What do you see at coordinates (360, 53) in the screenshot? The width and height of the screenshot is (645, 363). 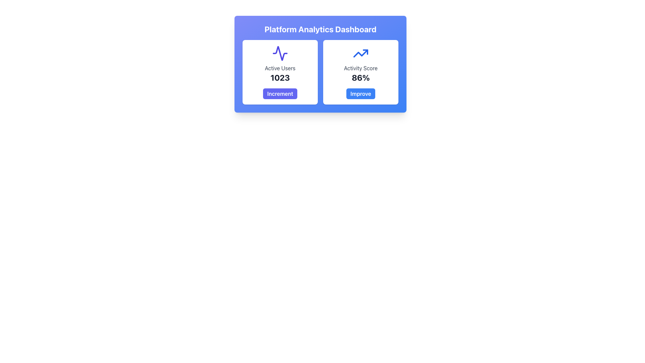 I see `the upward trending line icon with a blue stroke located at the top center of the 'Activity Score' card, positioned above the percentage text ('86%') and the 'Improve' button` at bounding box center [360, 53].